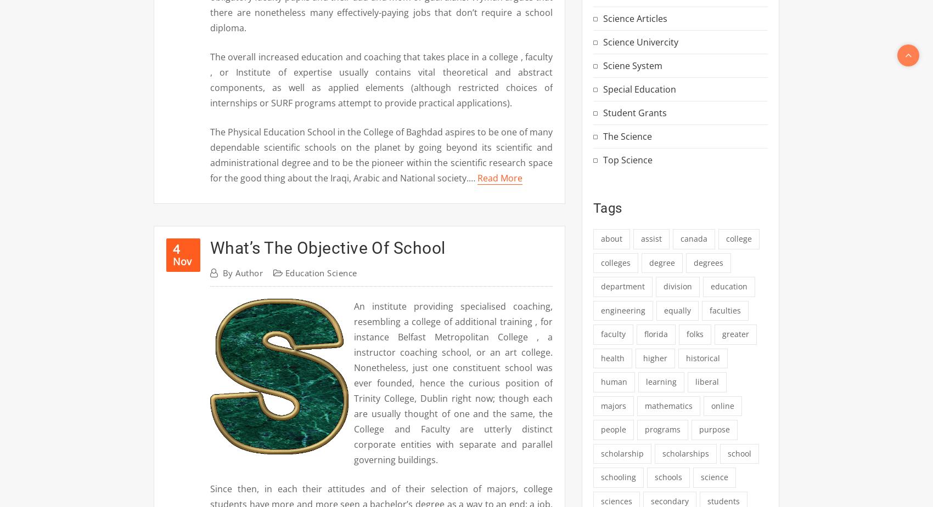  What do you see at coordinates (708, 262) in the screenshot?
I see `'degrees'` at bounding box center [708, 262].